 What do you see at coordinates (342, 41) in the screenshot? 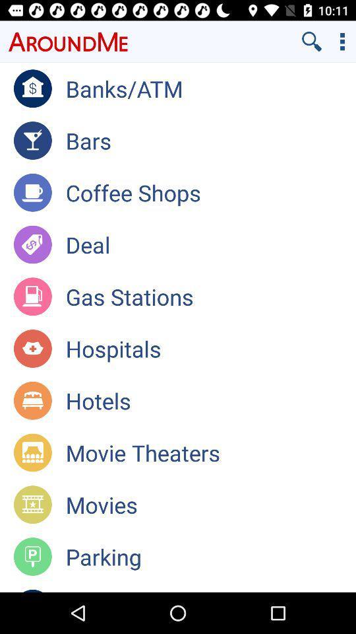
I see `menu button` at bounding box center [342, 41].